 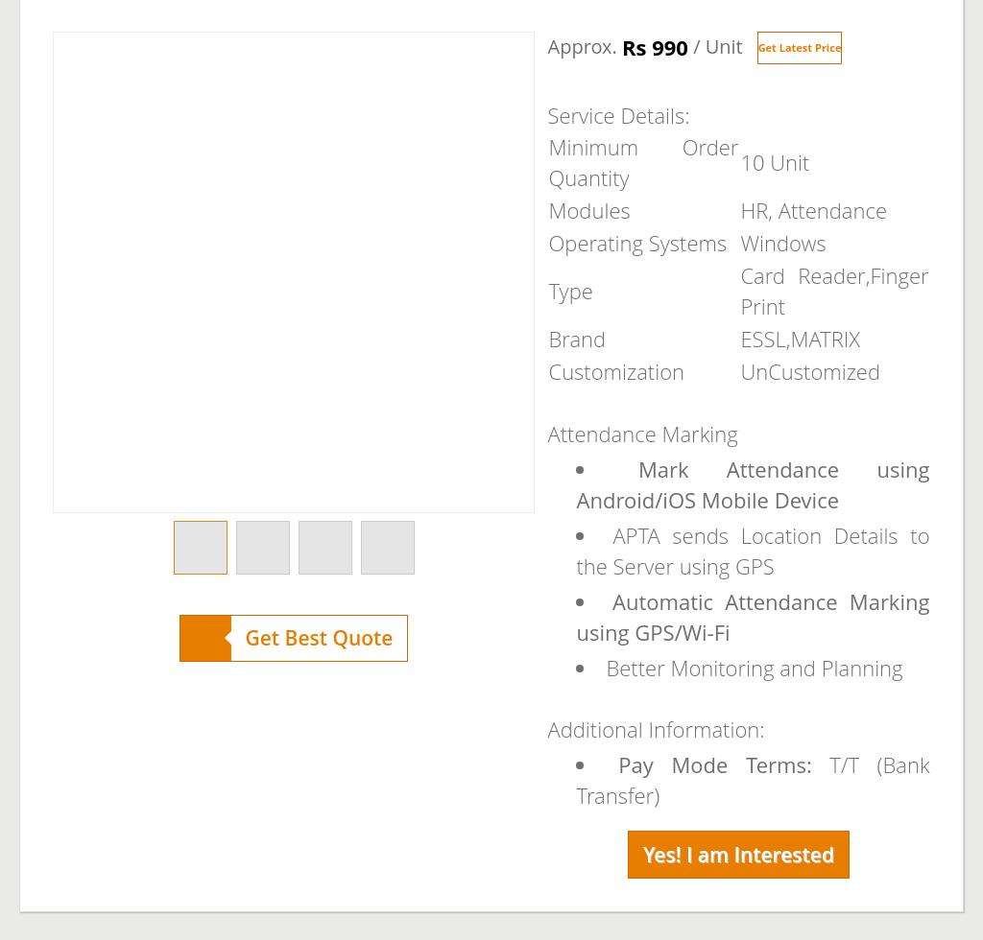 I want to click on 'Windows', so click(x=739, y=243).